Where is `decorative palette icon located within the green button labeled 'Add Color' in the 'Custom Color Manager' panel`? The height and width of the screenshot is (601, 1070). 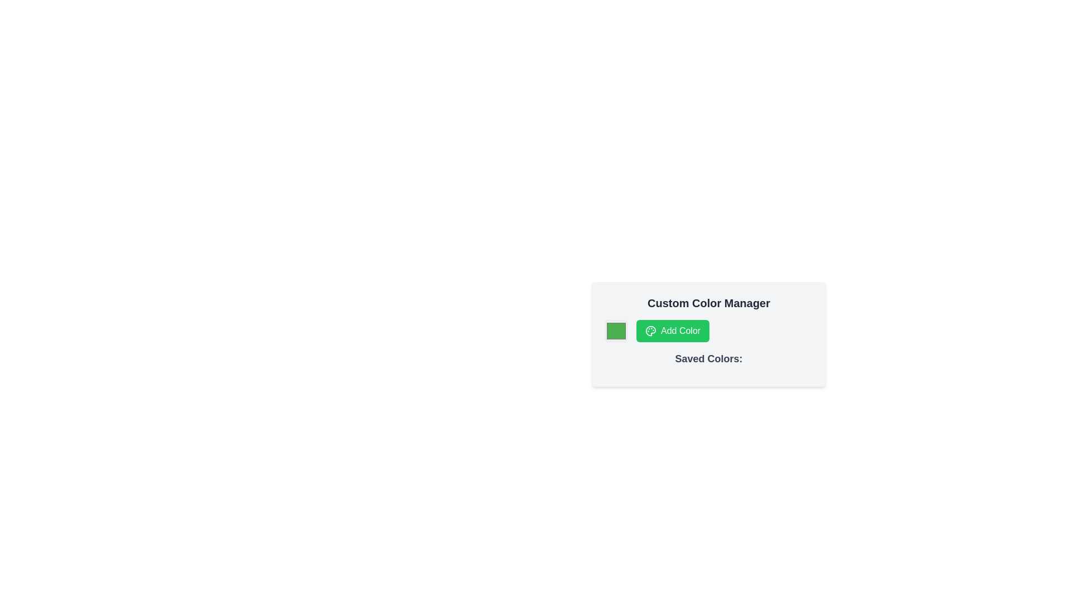 decorative palette icon located within the green button labeled 'Add Color' in the 'Custom Color Manager' panel is located at coordinates (650, 330).